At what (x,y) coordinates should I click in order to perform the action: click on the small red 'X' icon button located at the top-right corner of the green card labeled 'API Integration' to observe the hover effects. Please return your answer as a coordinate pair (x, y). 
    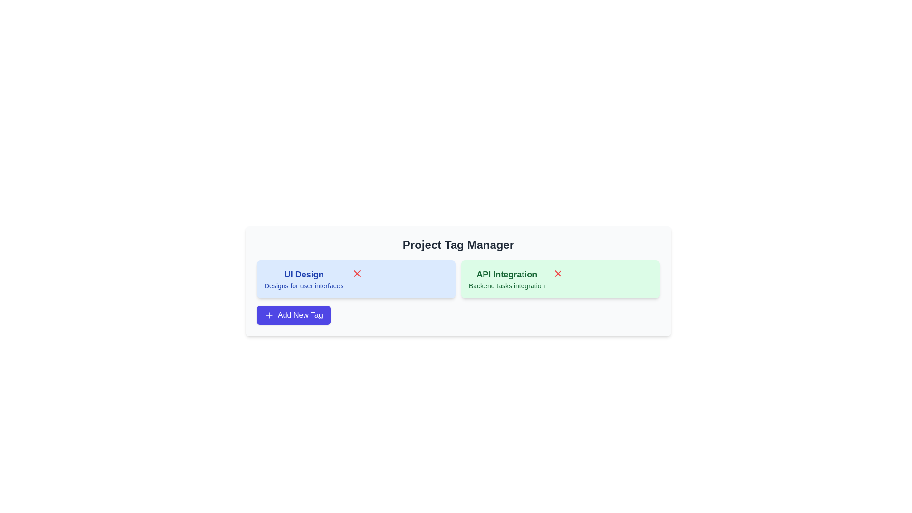
    Looking at the image, I should click on (558, 273).